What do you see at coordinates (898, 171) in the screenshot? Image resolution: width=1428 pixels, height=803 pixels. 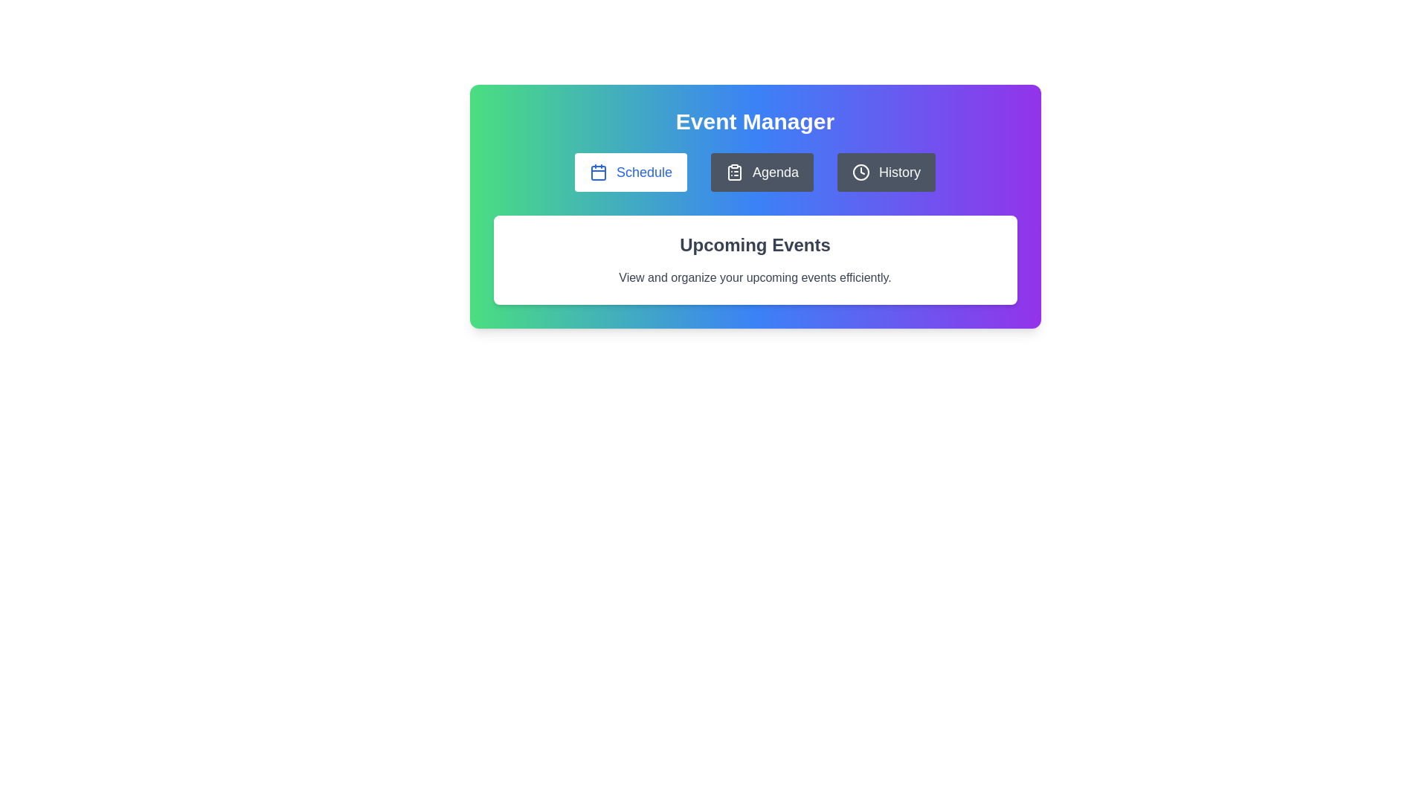 I see `the 'History' button located in the top right section of the user interface` at bounding box center [898, 171].